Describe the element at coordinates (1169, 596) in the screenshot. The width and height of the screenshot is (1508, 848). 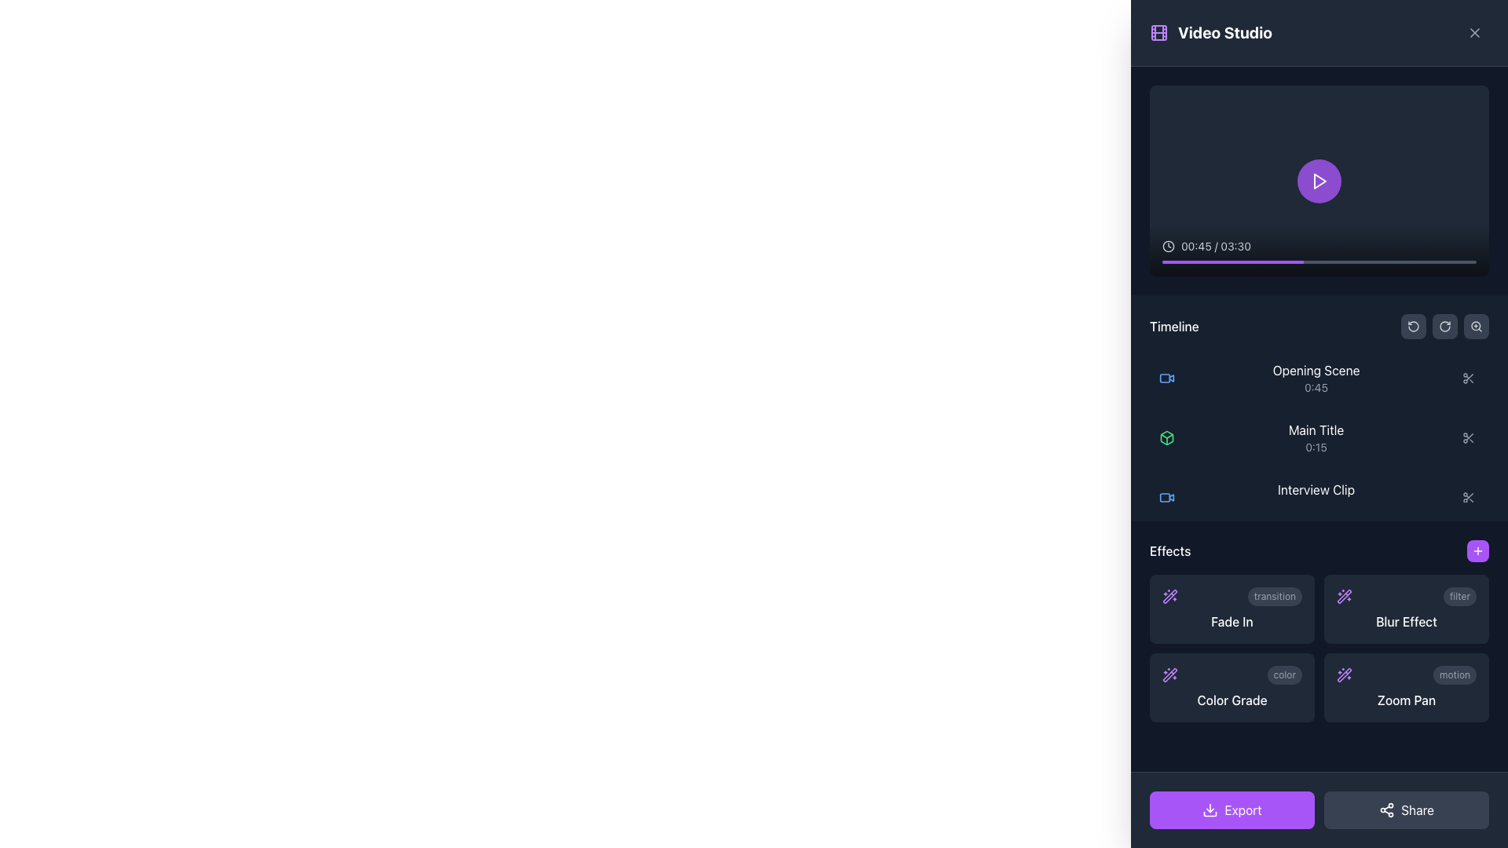
I see `the magic wand icon located in the lower-right area of the interface within the effects section` at that location.